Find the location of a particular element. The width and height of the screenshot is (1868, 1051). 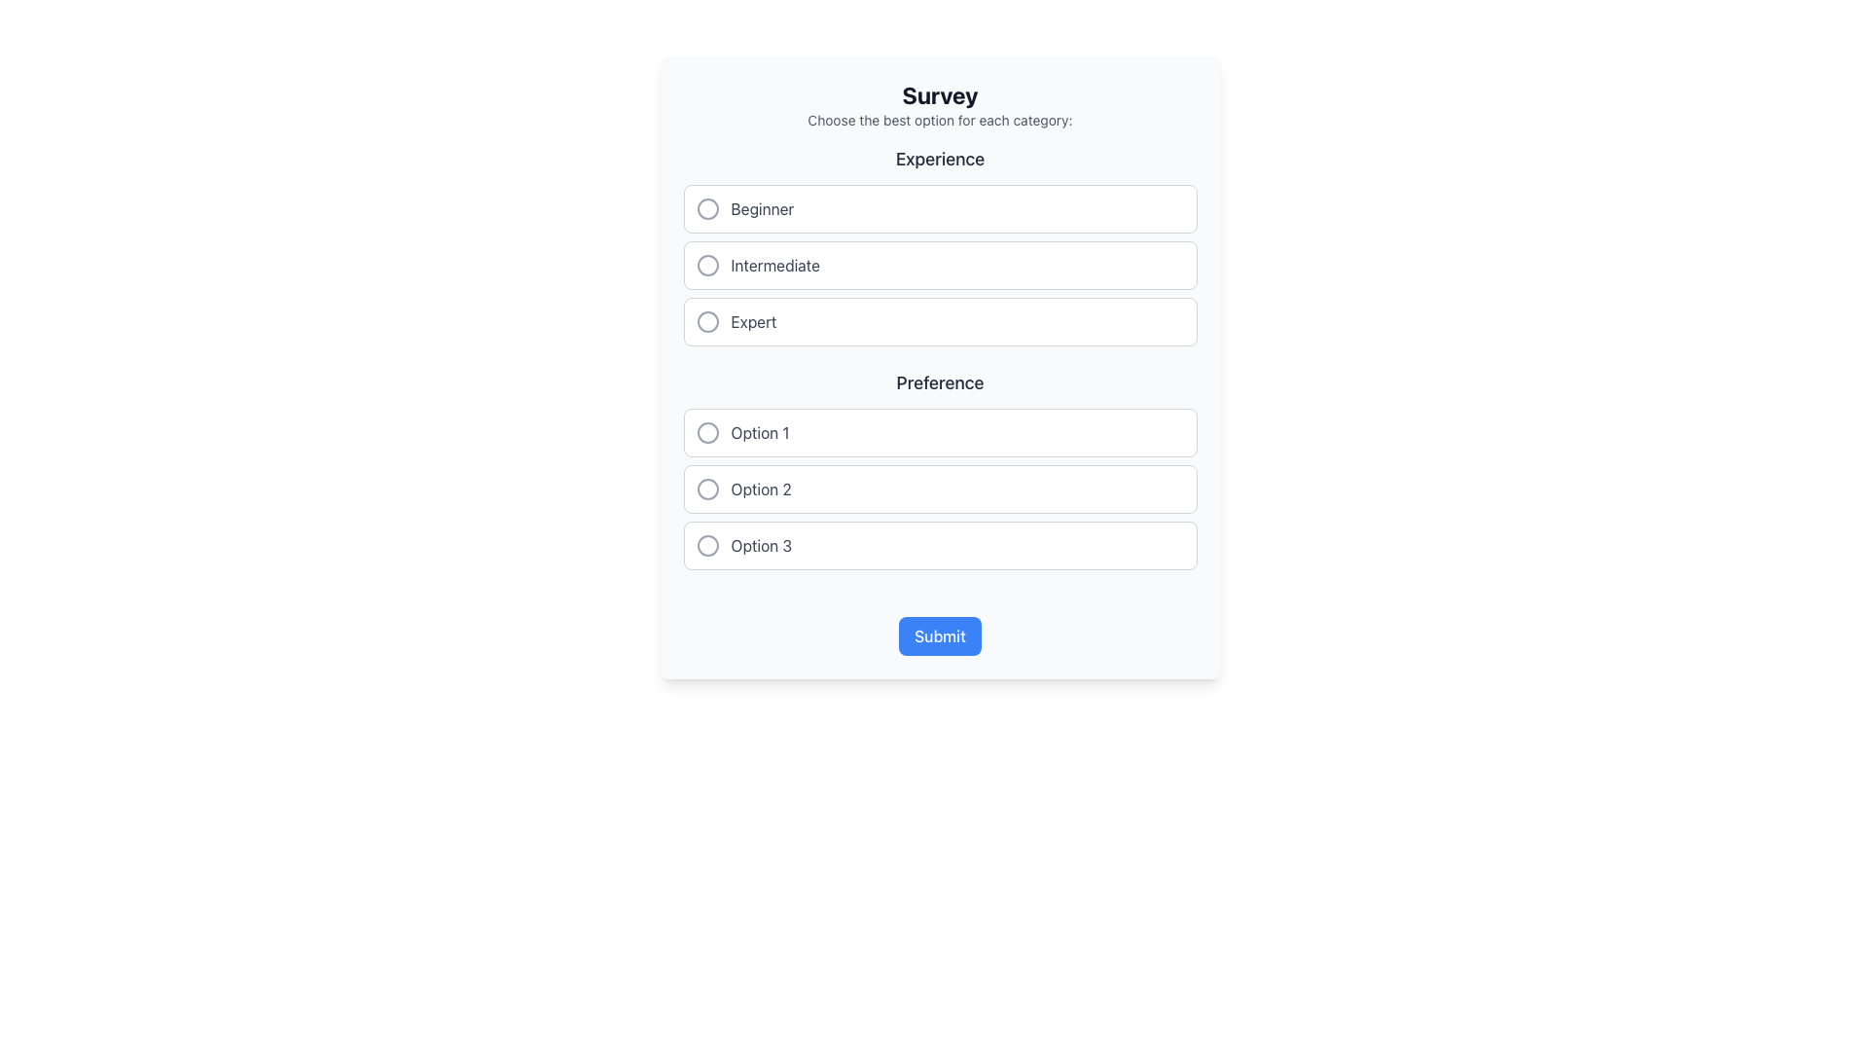

the informative text displaying the guidance message 'Choose the best option for each category:' located directly below the title 'Survey' is located at coordinates (940, 120).